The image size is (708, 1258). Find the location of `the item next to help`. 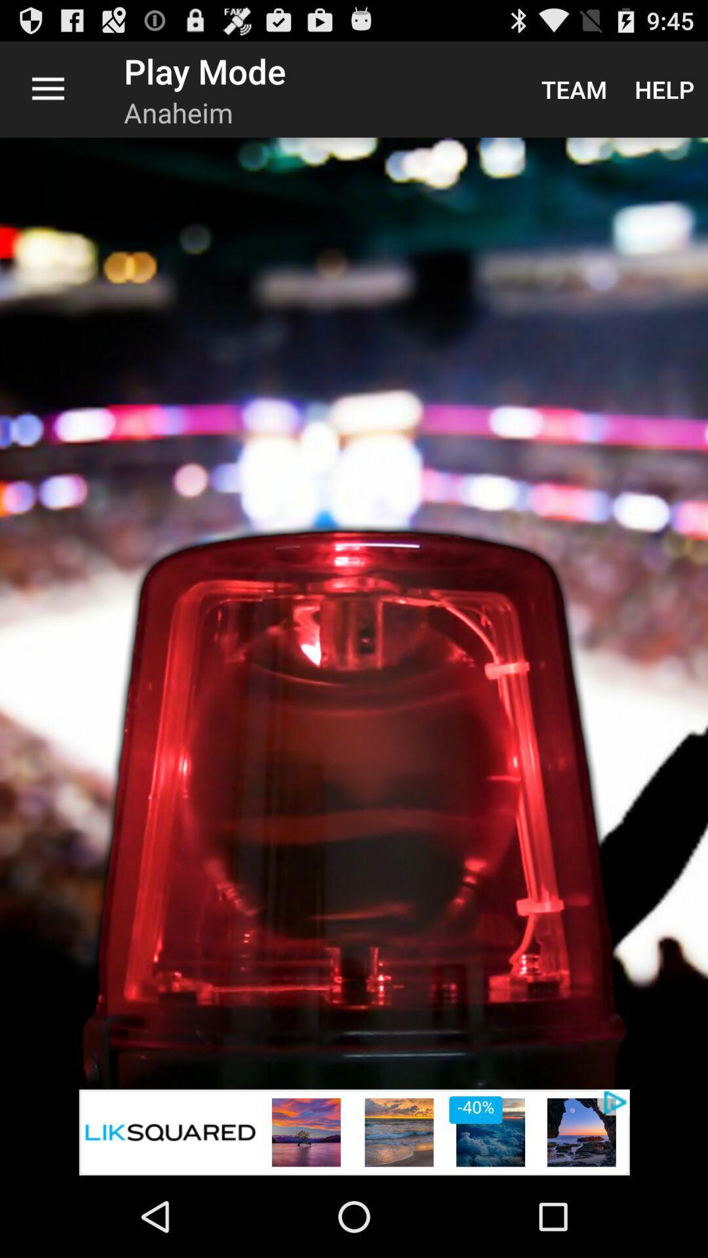

the item next to help is located at coordinates (573, 88).